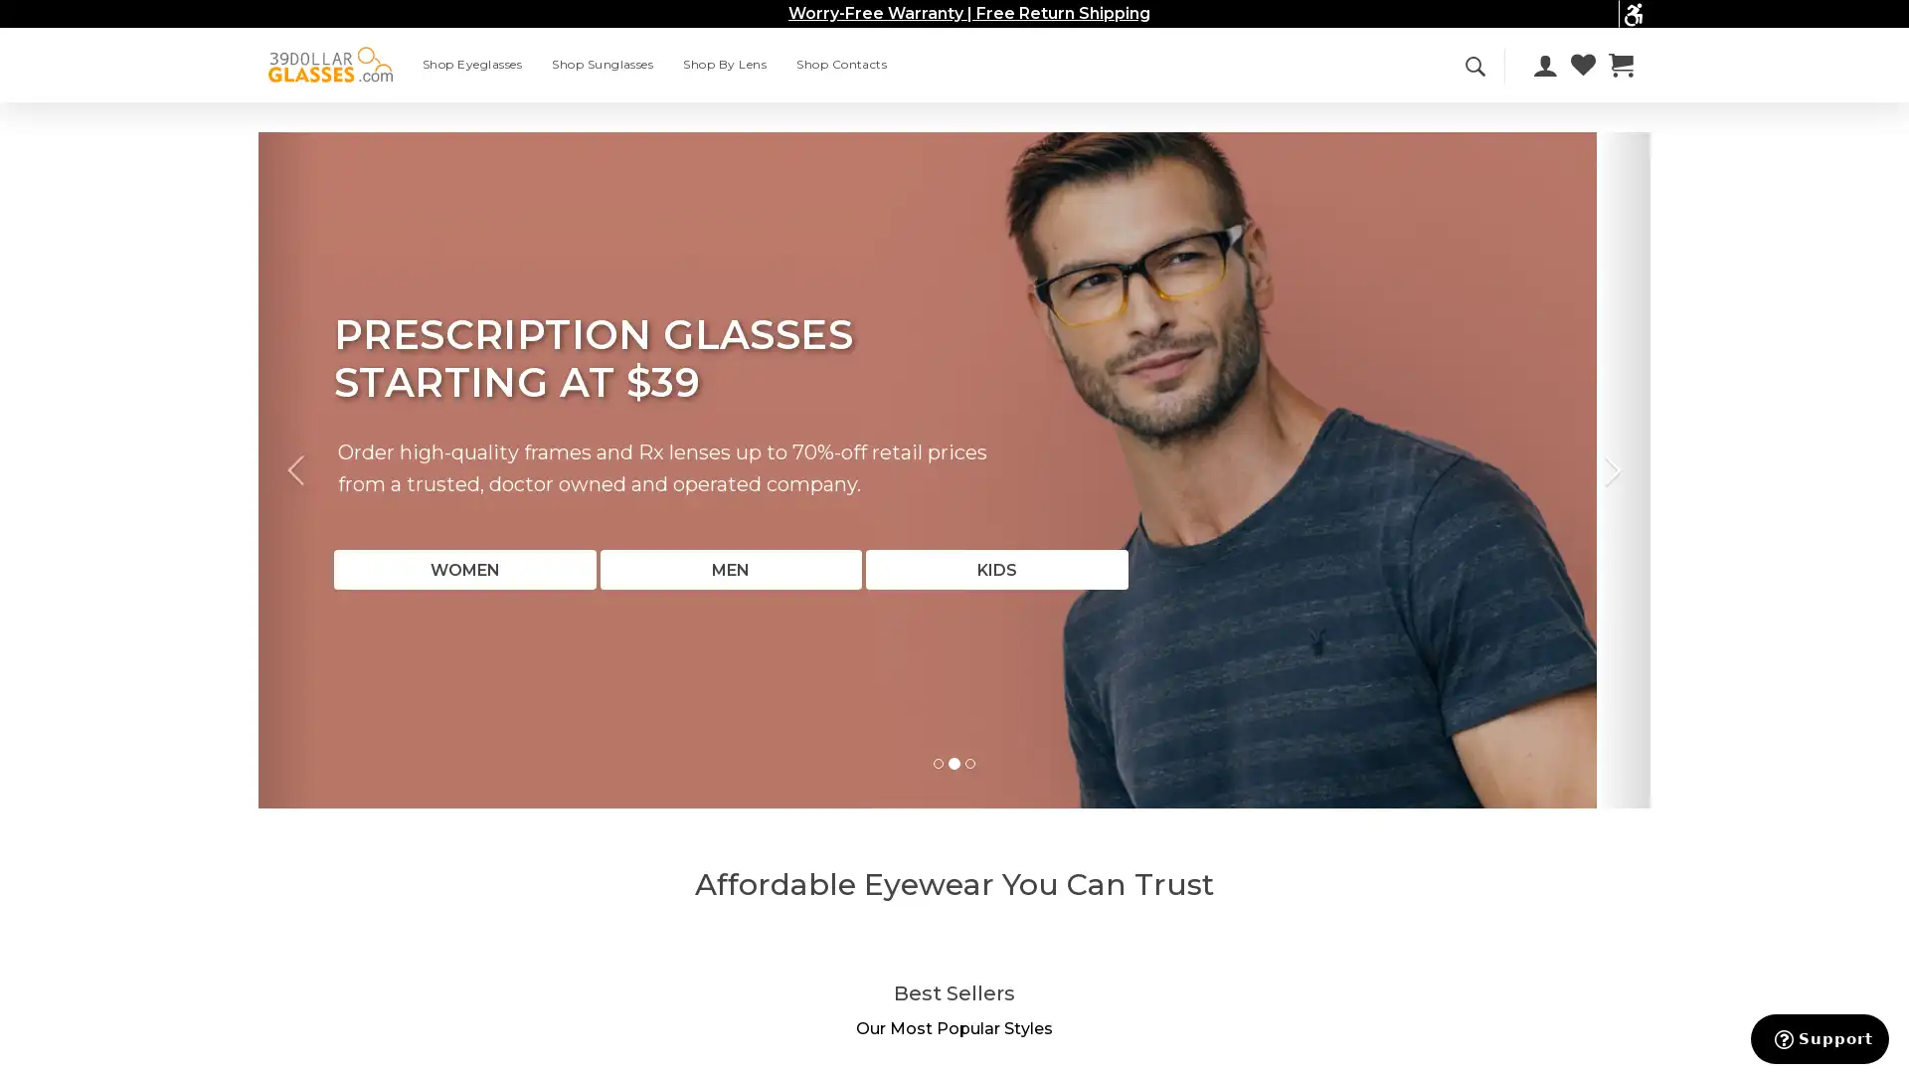  I want to click on Previous, so click(285, 470).